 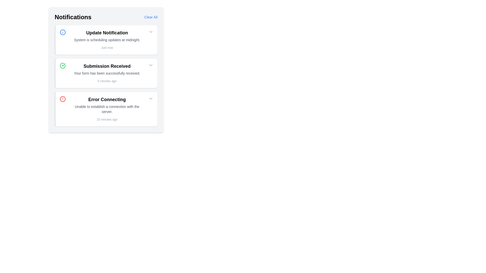 I want to click on the confirmation message Text label displayed below 'Submission Received' in the notification card, so click(x=107, y=73).